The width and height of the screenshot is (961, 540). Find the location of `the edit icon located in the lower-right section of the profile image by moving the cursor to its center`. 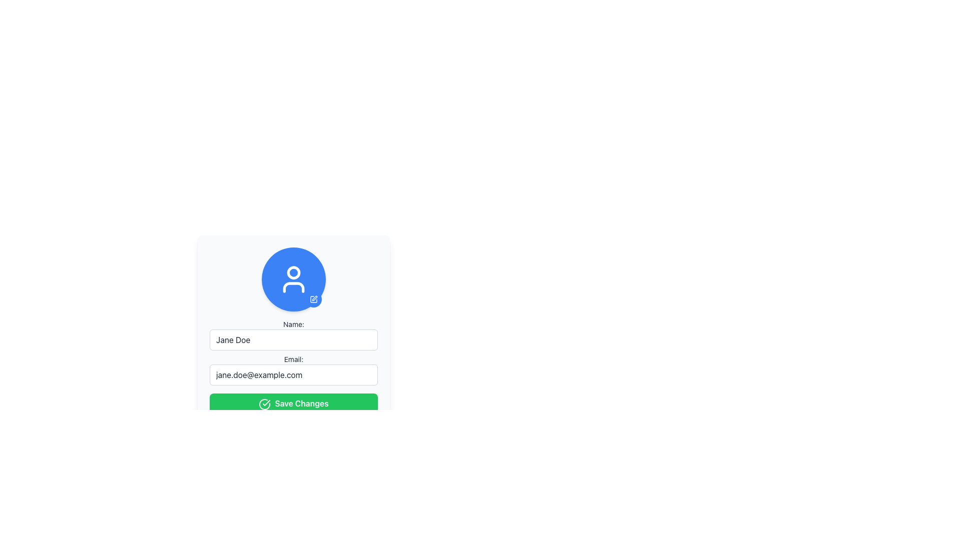

the edit icon located in the lower-right section of the profile image by moving the cursor to its center is located at coordinates (313, 298).